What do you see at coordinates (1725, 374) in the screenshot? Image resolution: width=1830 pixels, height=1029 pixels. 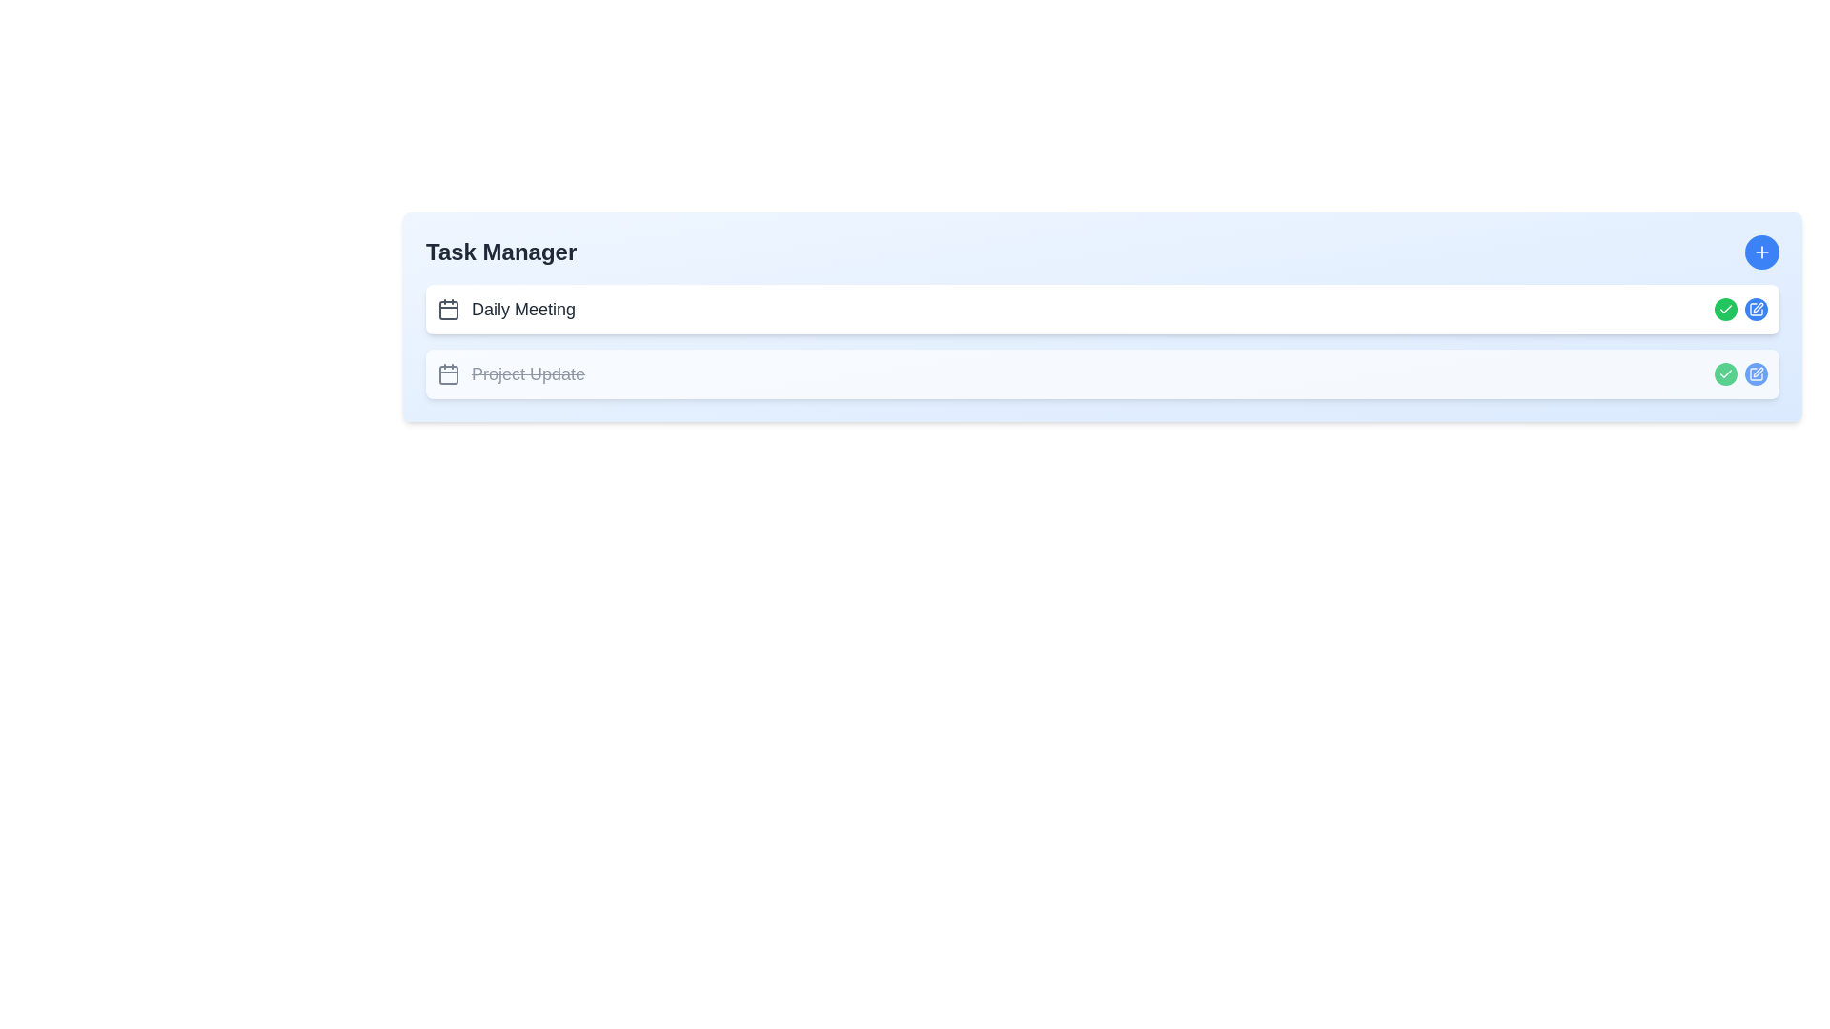 I see `the small circular green button with a white checkmark icon, which is located on the right side of the second row in a group of buttons` at bounding box center [1725, 374].